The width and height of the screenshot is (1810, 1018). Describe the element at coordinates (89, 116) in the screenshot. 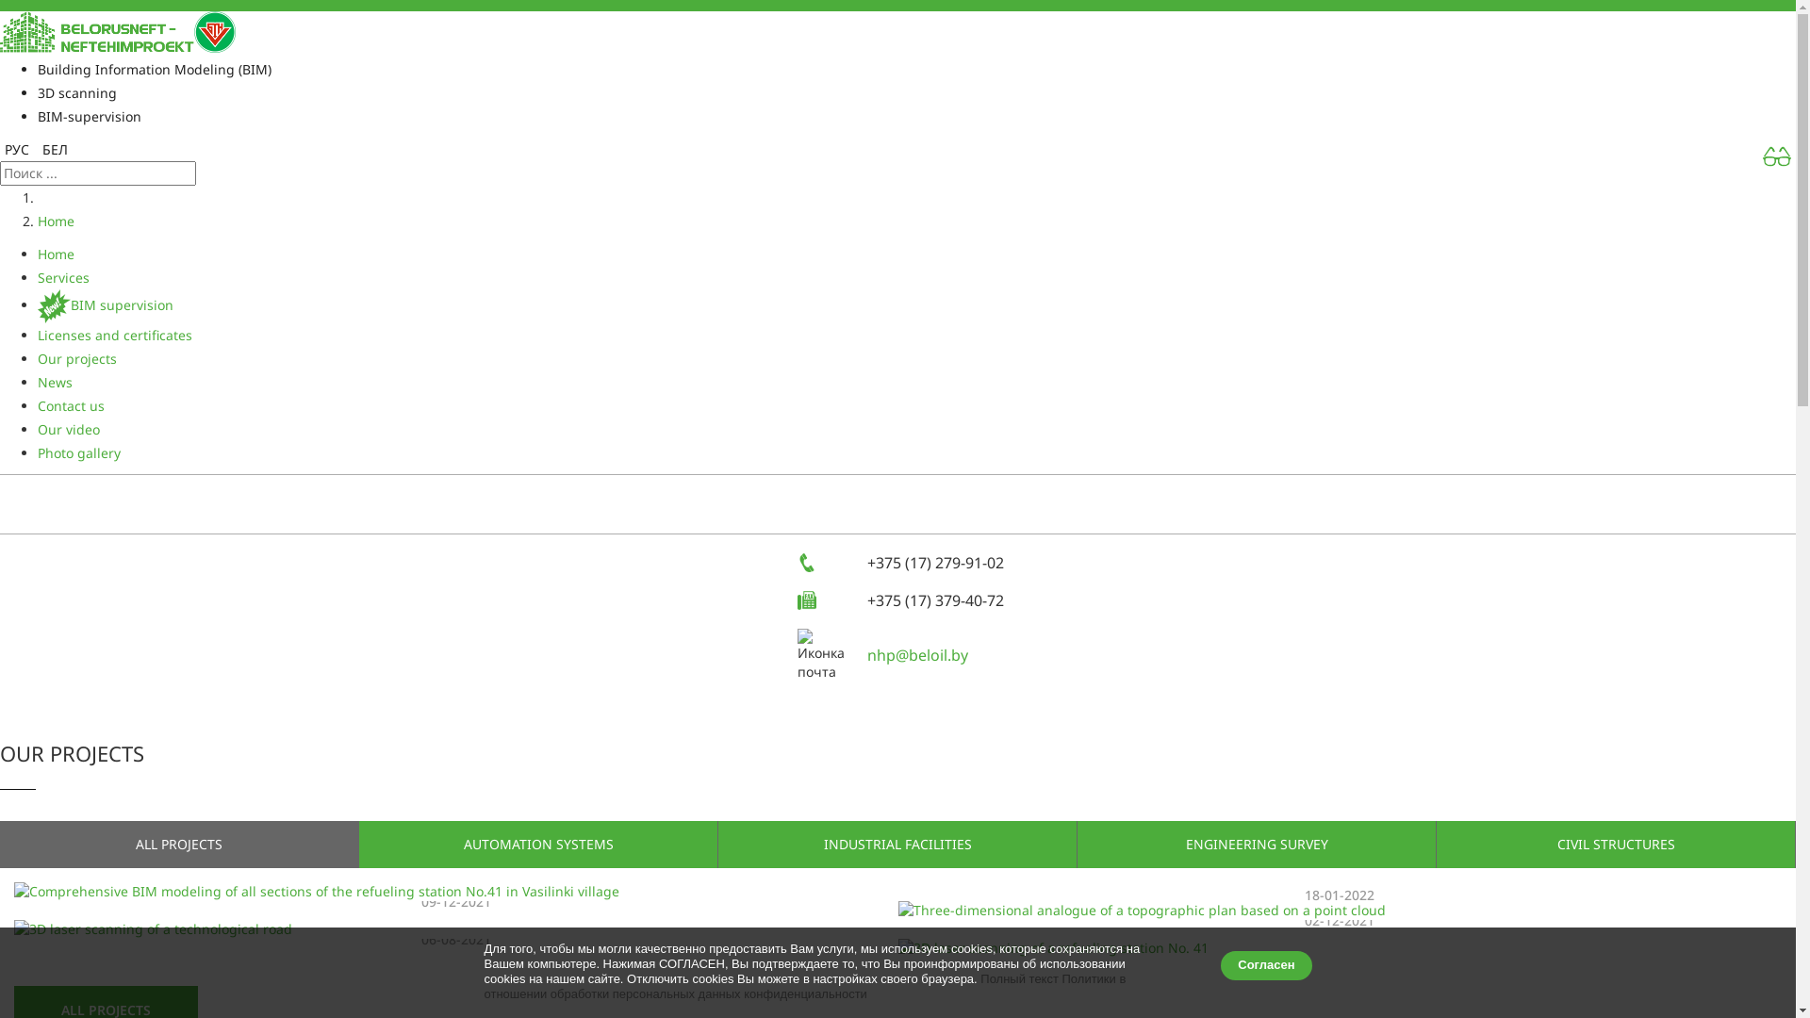

I see `'BIM-supervision'` at that location.